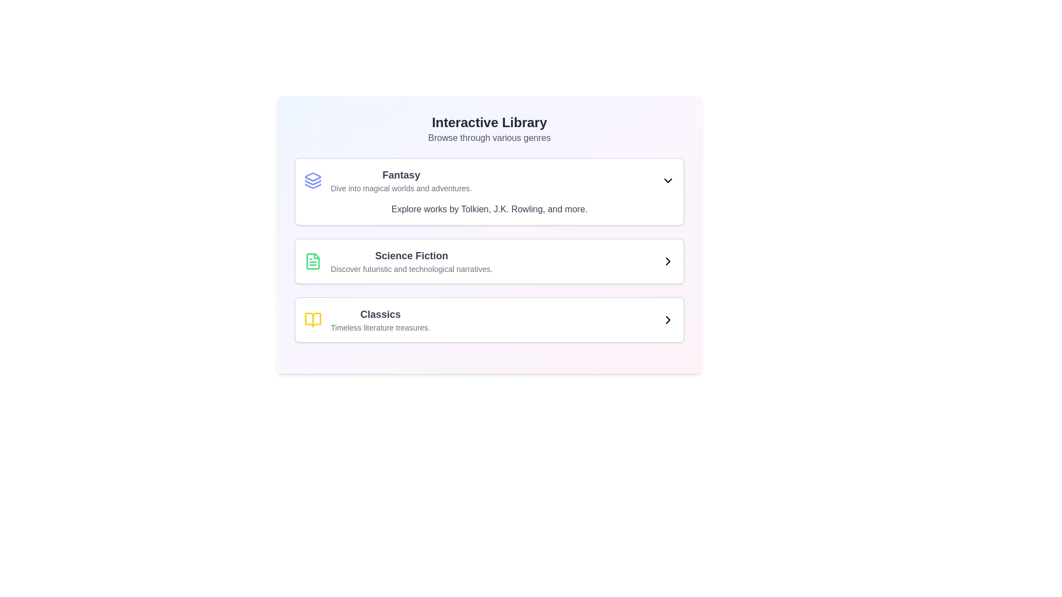 This screenshot has width=1062, height=597. Describe the element at coordinates (411, 269) in the screenshot. I see `text string 'Discover futuristic and technological narratives.' located in the 'Science Fiction' card, below the bold header` at that location.